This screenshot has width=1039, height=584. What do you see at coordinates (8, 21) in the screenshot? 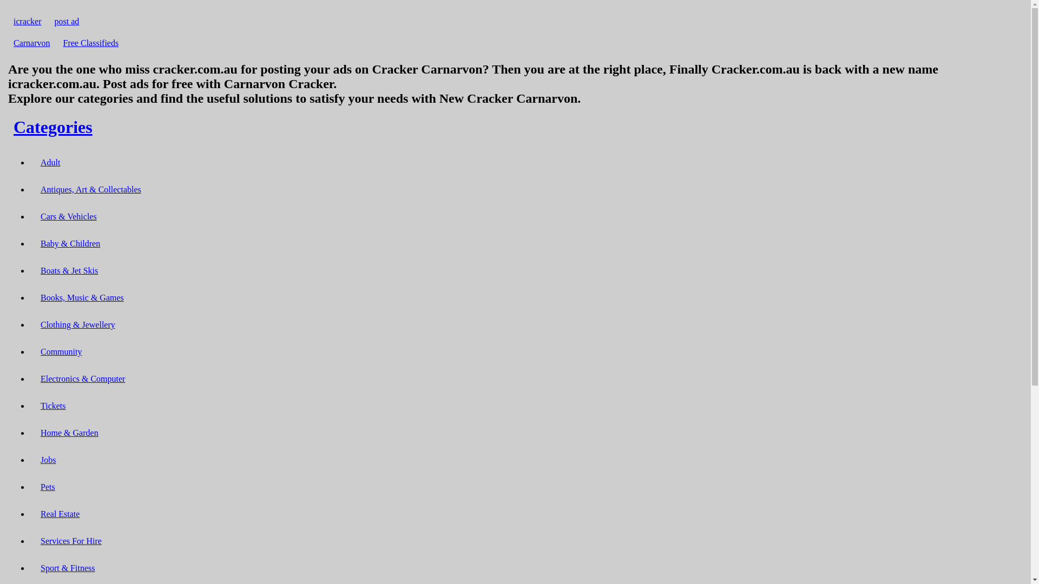
I see `'icracker'` at bounding box center [8, 21].